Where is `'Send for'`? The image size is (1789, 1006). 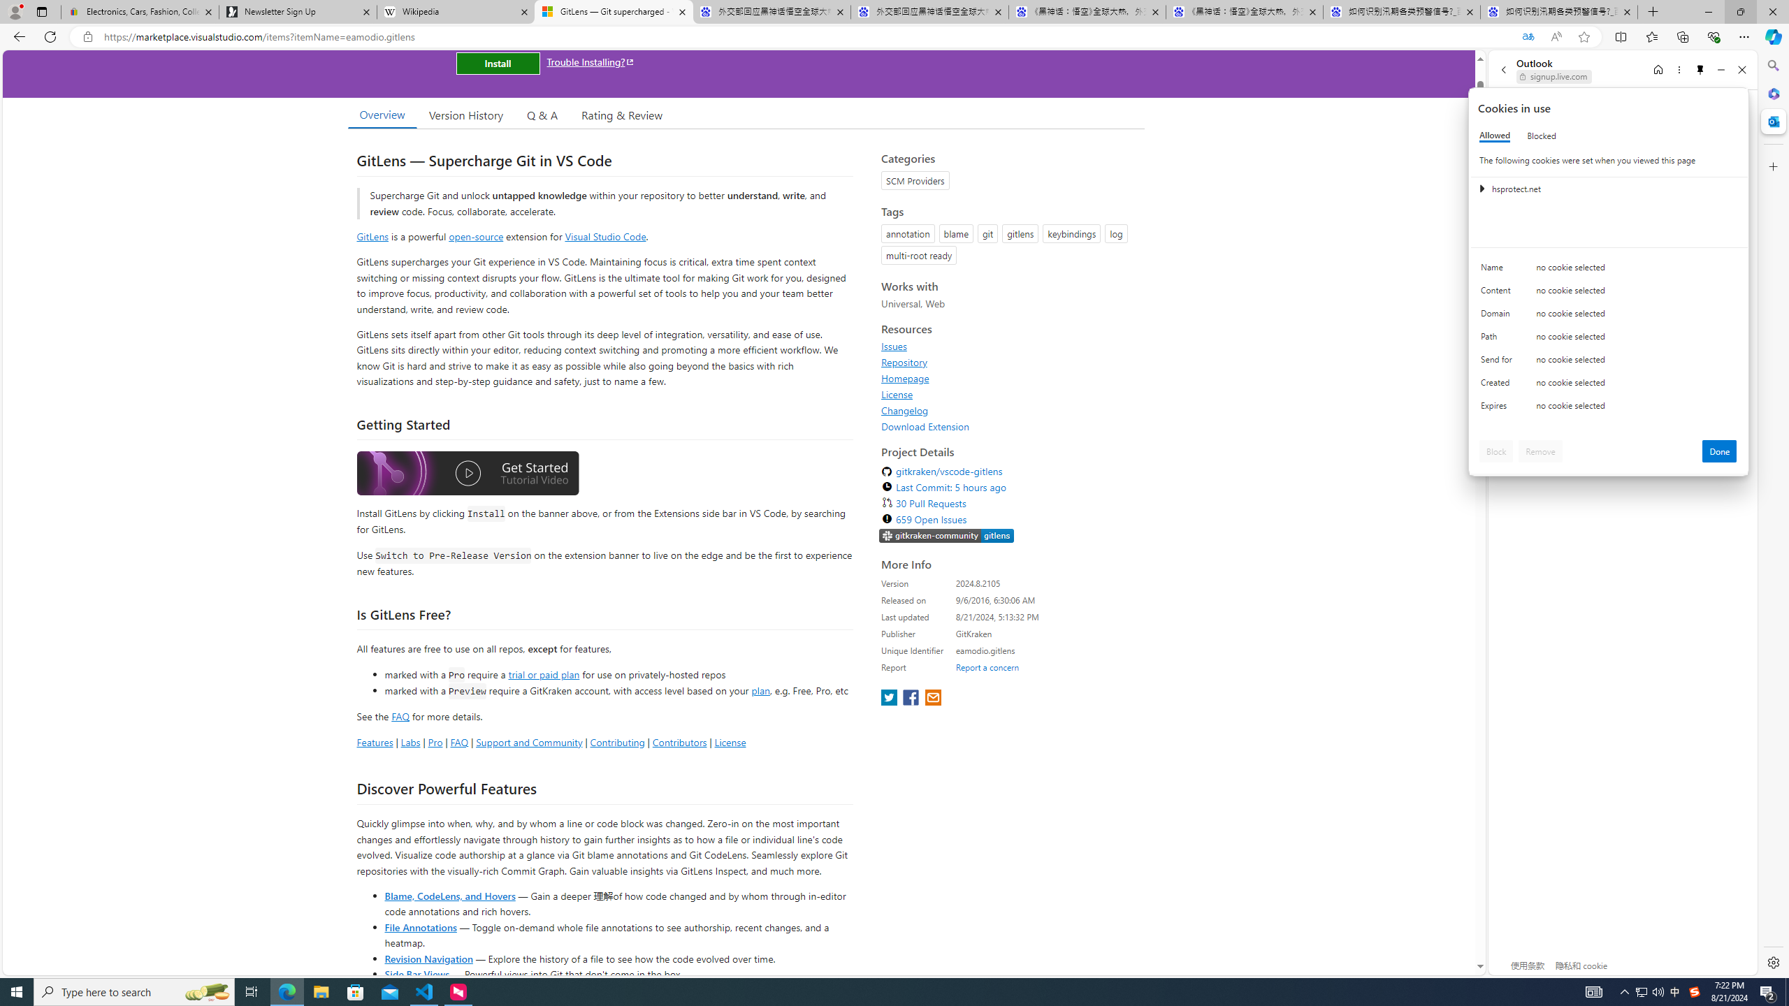 'Send for' is located at coordinates (1498, 362).